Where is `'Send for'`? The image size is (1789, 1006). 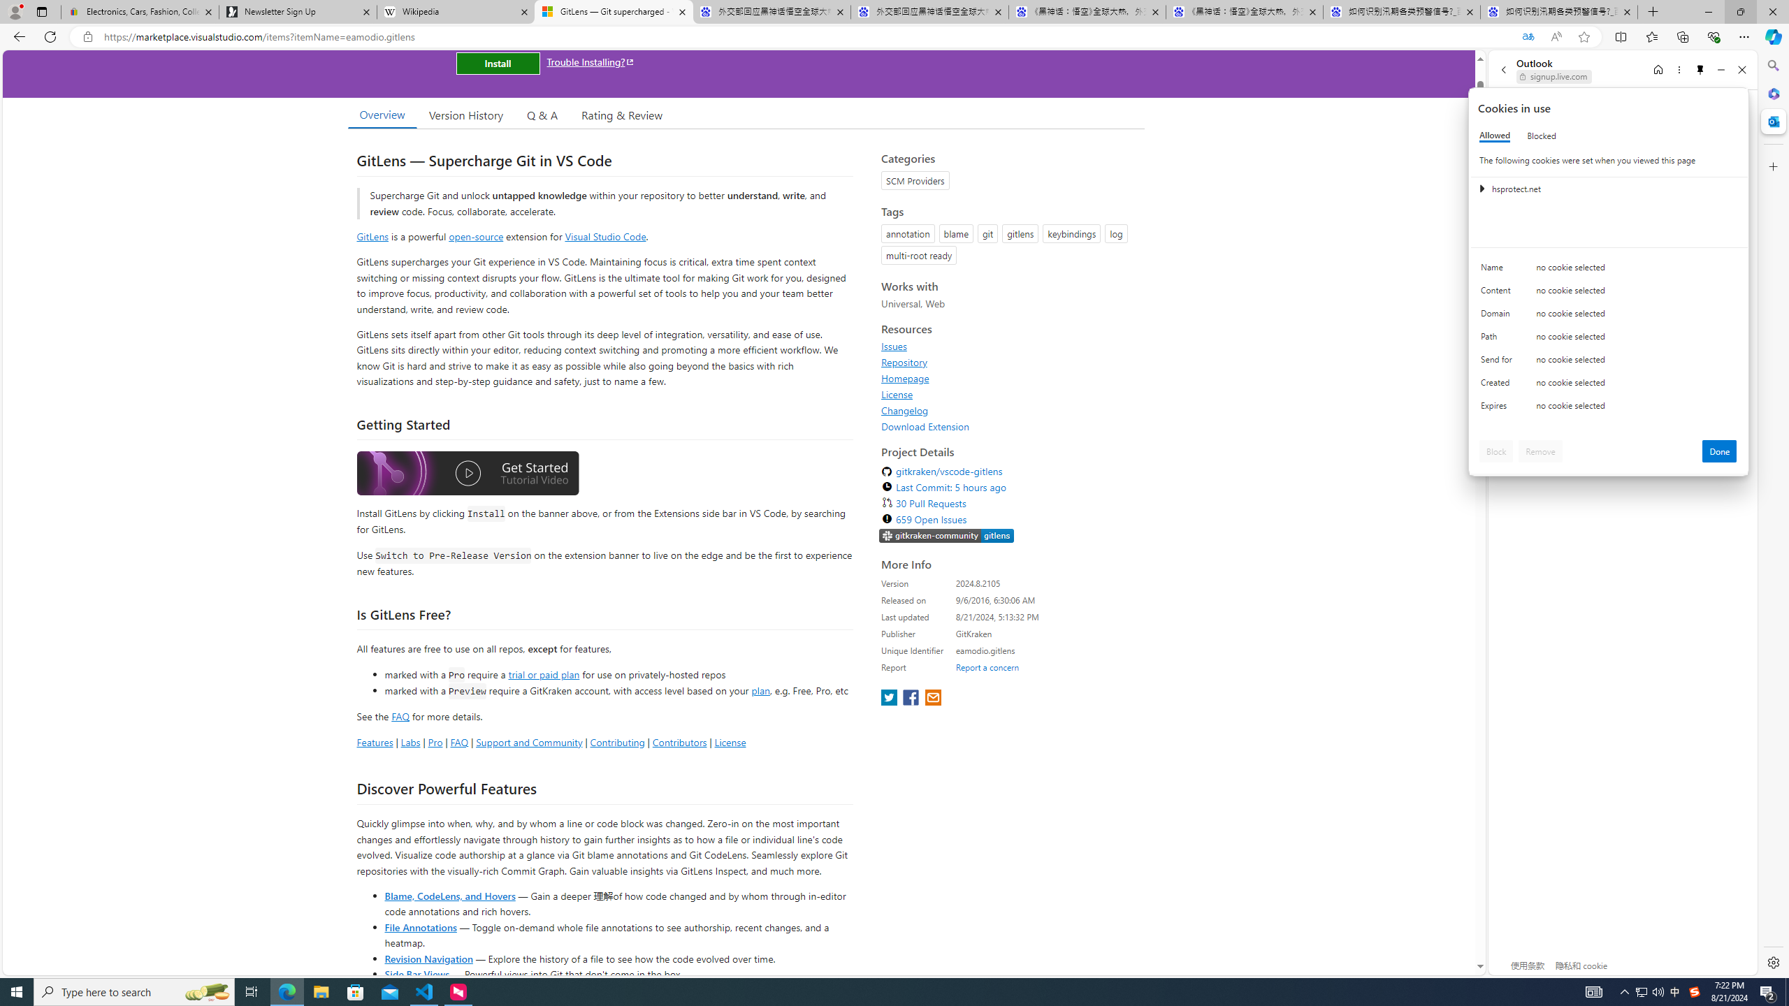 'Send for' is located at coordinates (1498, 362).